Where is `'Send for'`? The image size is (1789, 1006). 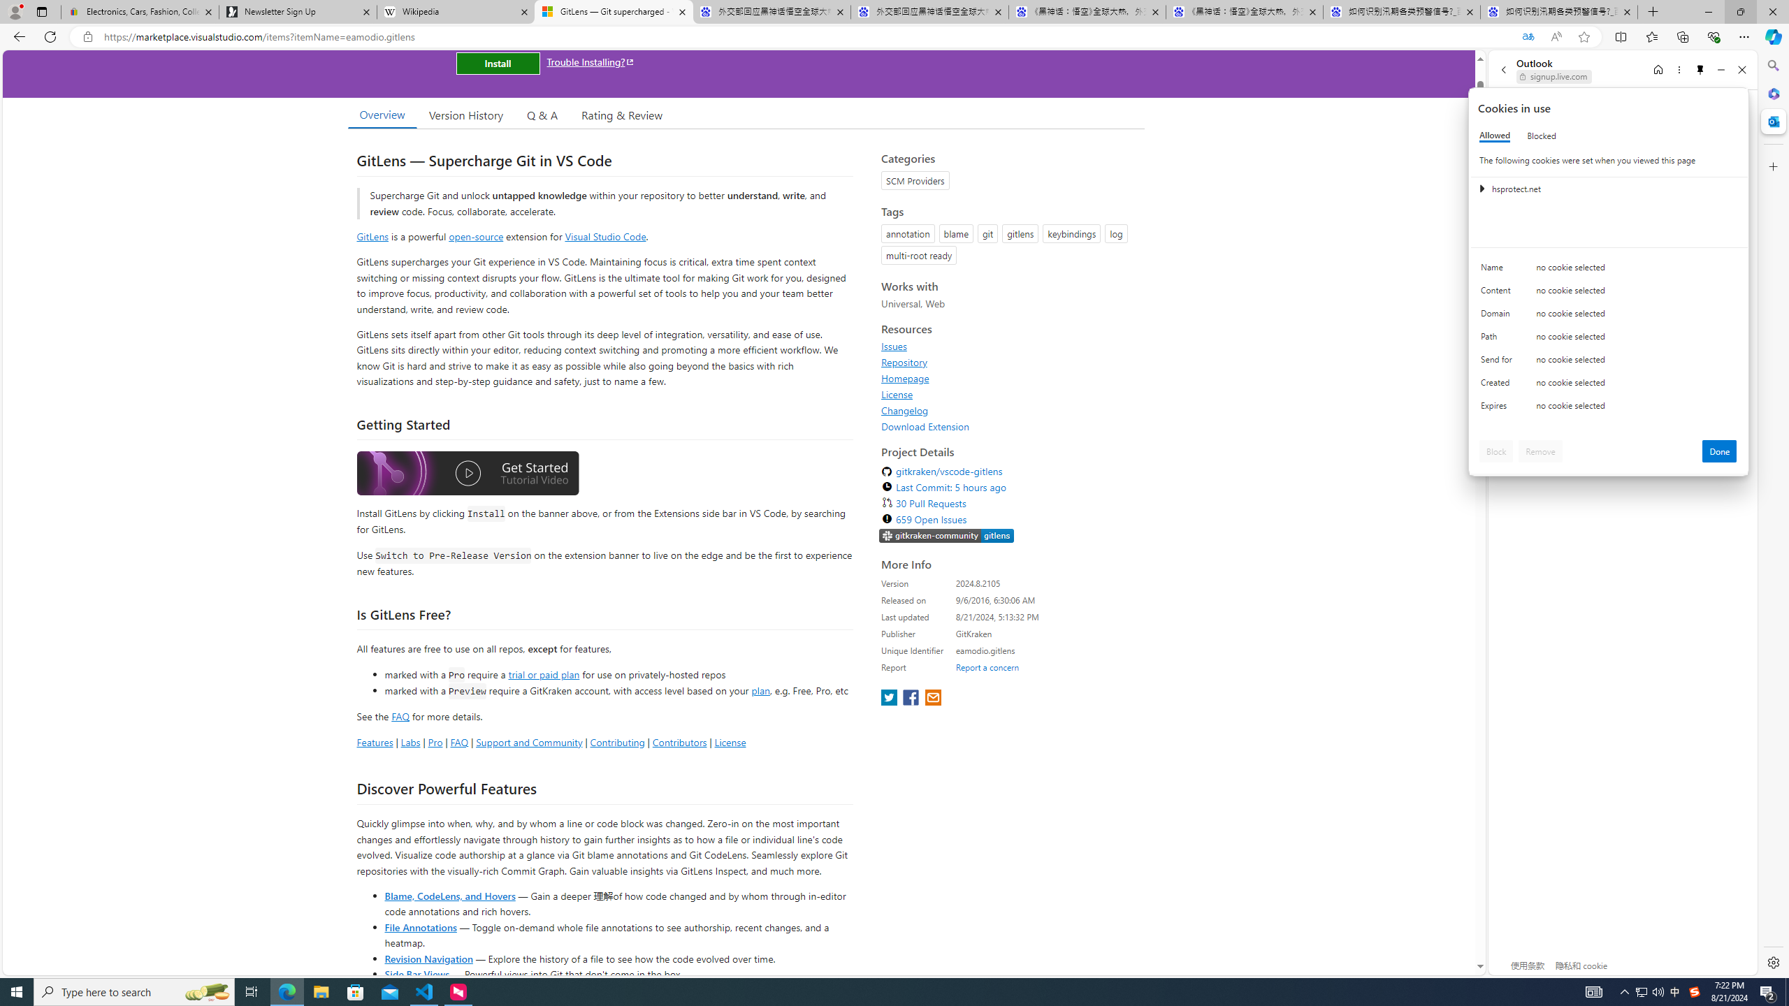 'Send for' is located at coordinates (1498, 362).